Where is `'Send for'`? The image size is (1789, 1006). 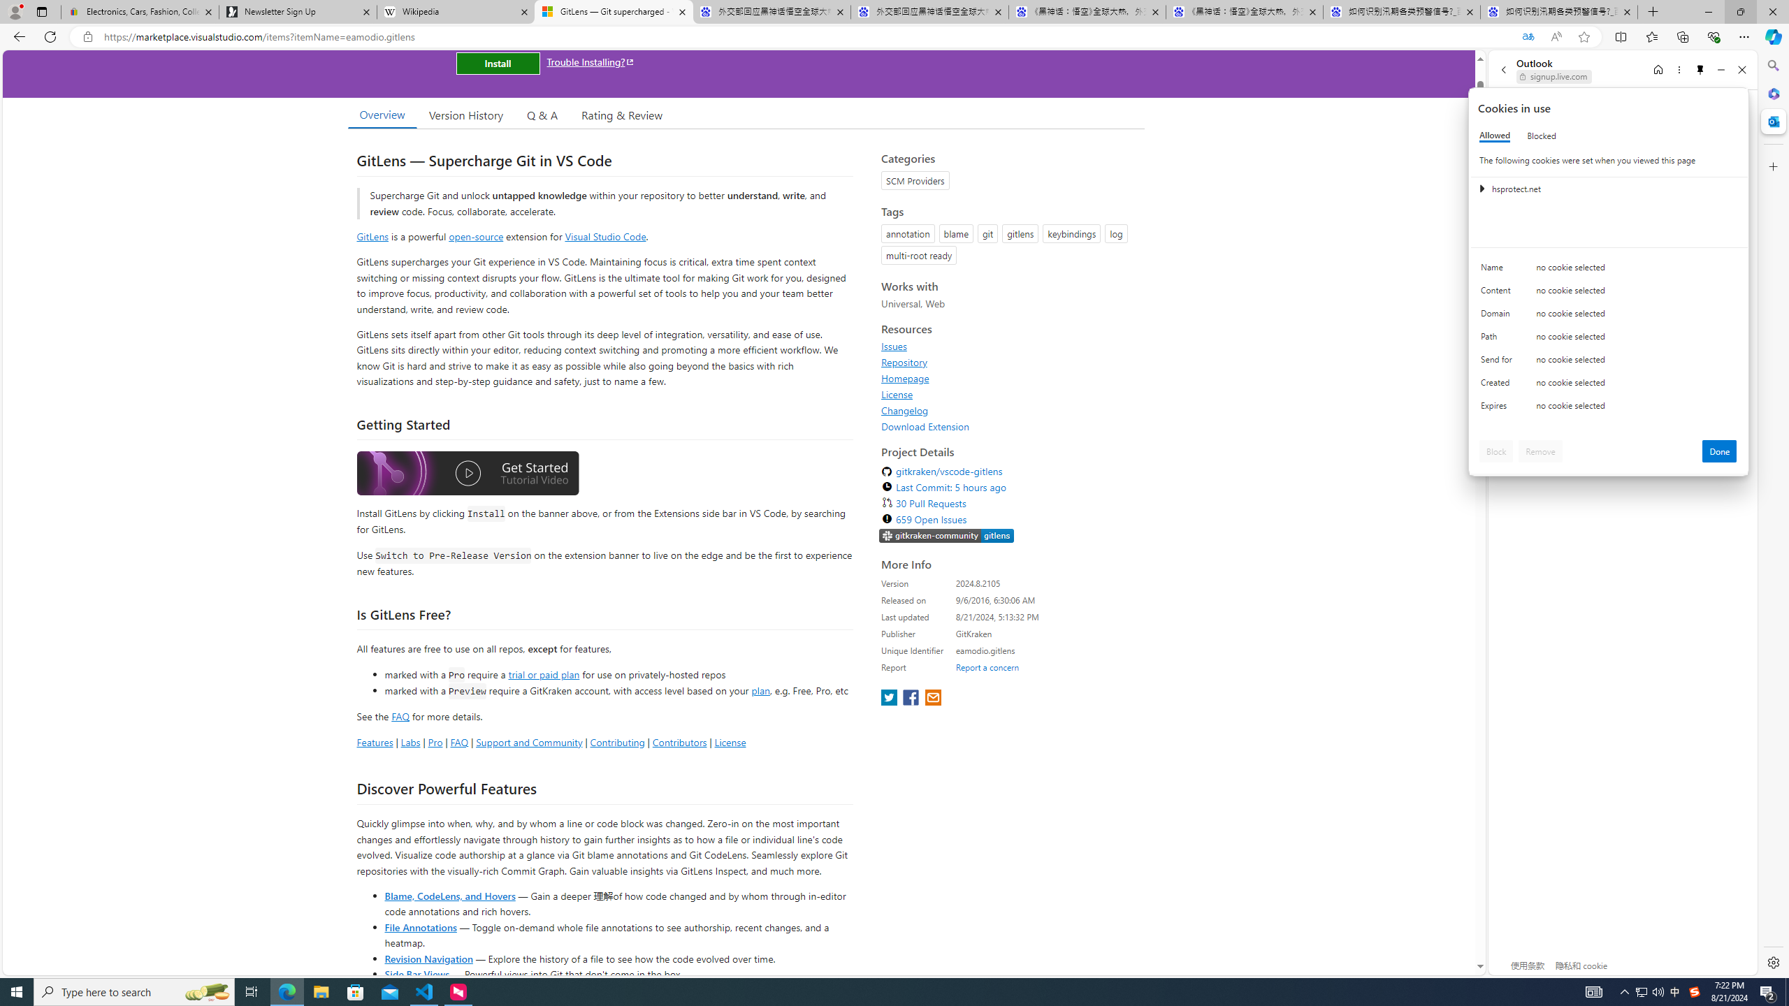 'Send for' is located at coordinates (1498, 362).